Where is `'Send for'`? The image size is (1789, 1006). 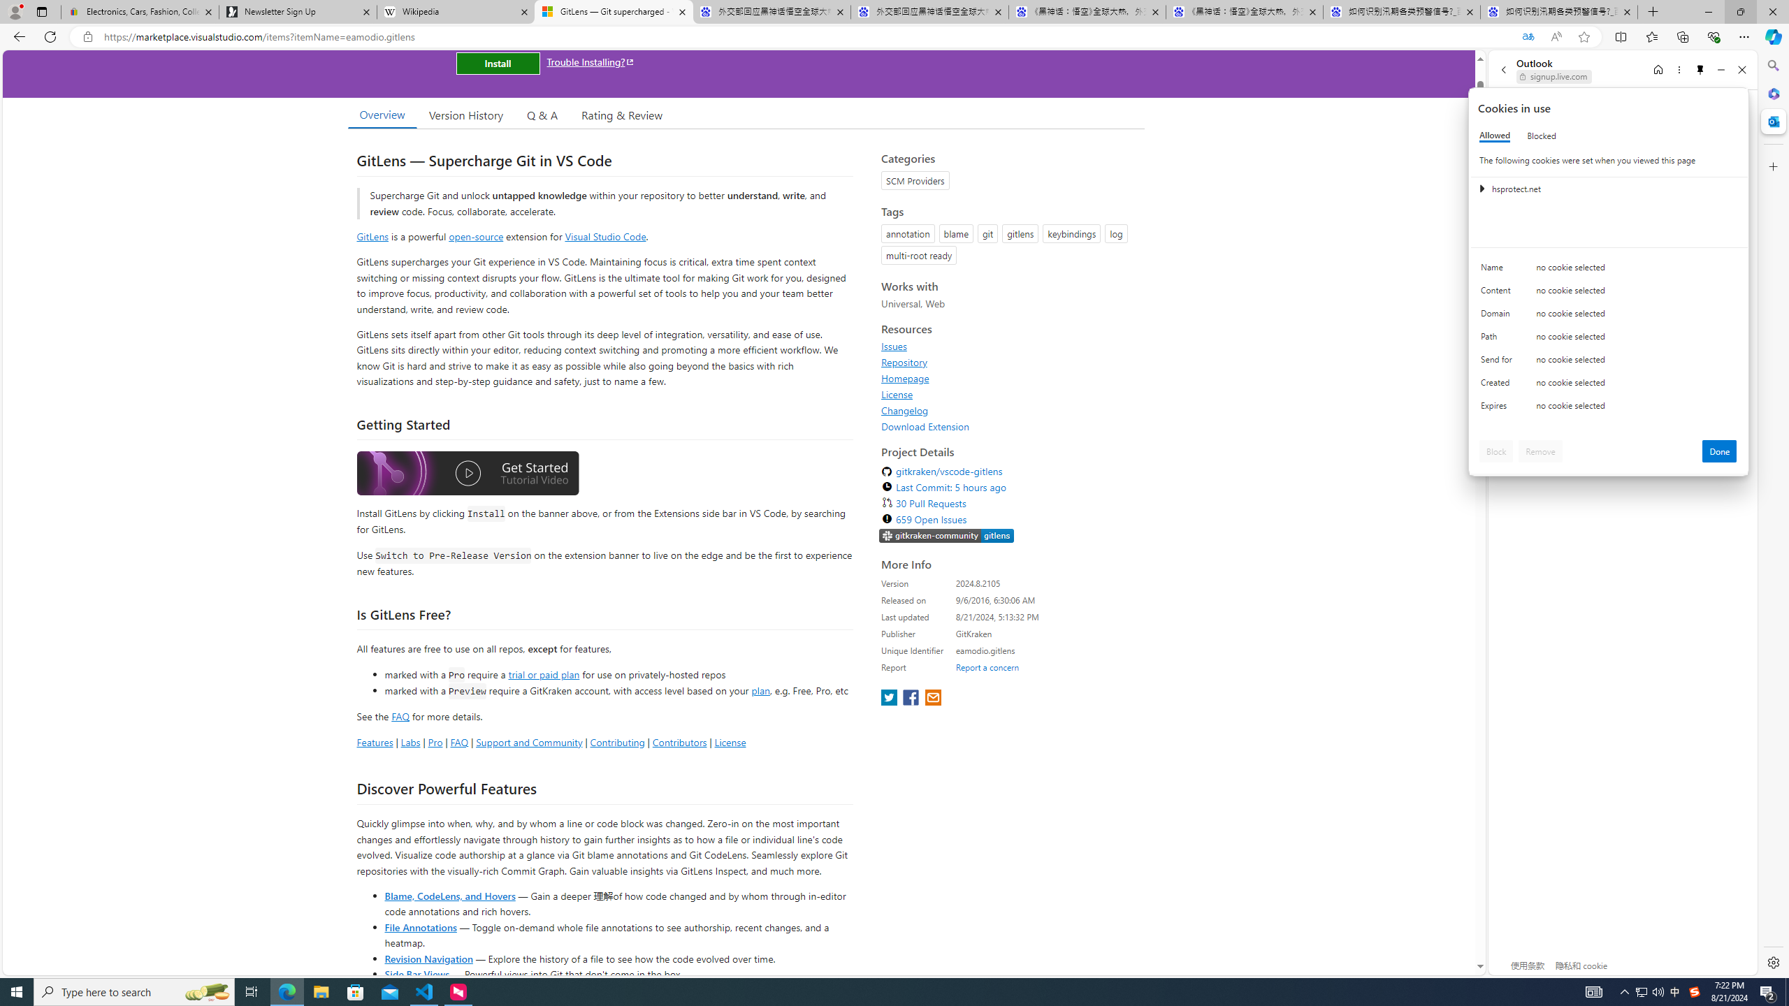 'Send for' is located at coordinates (1498, 362).